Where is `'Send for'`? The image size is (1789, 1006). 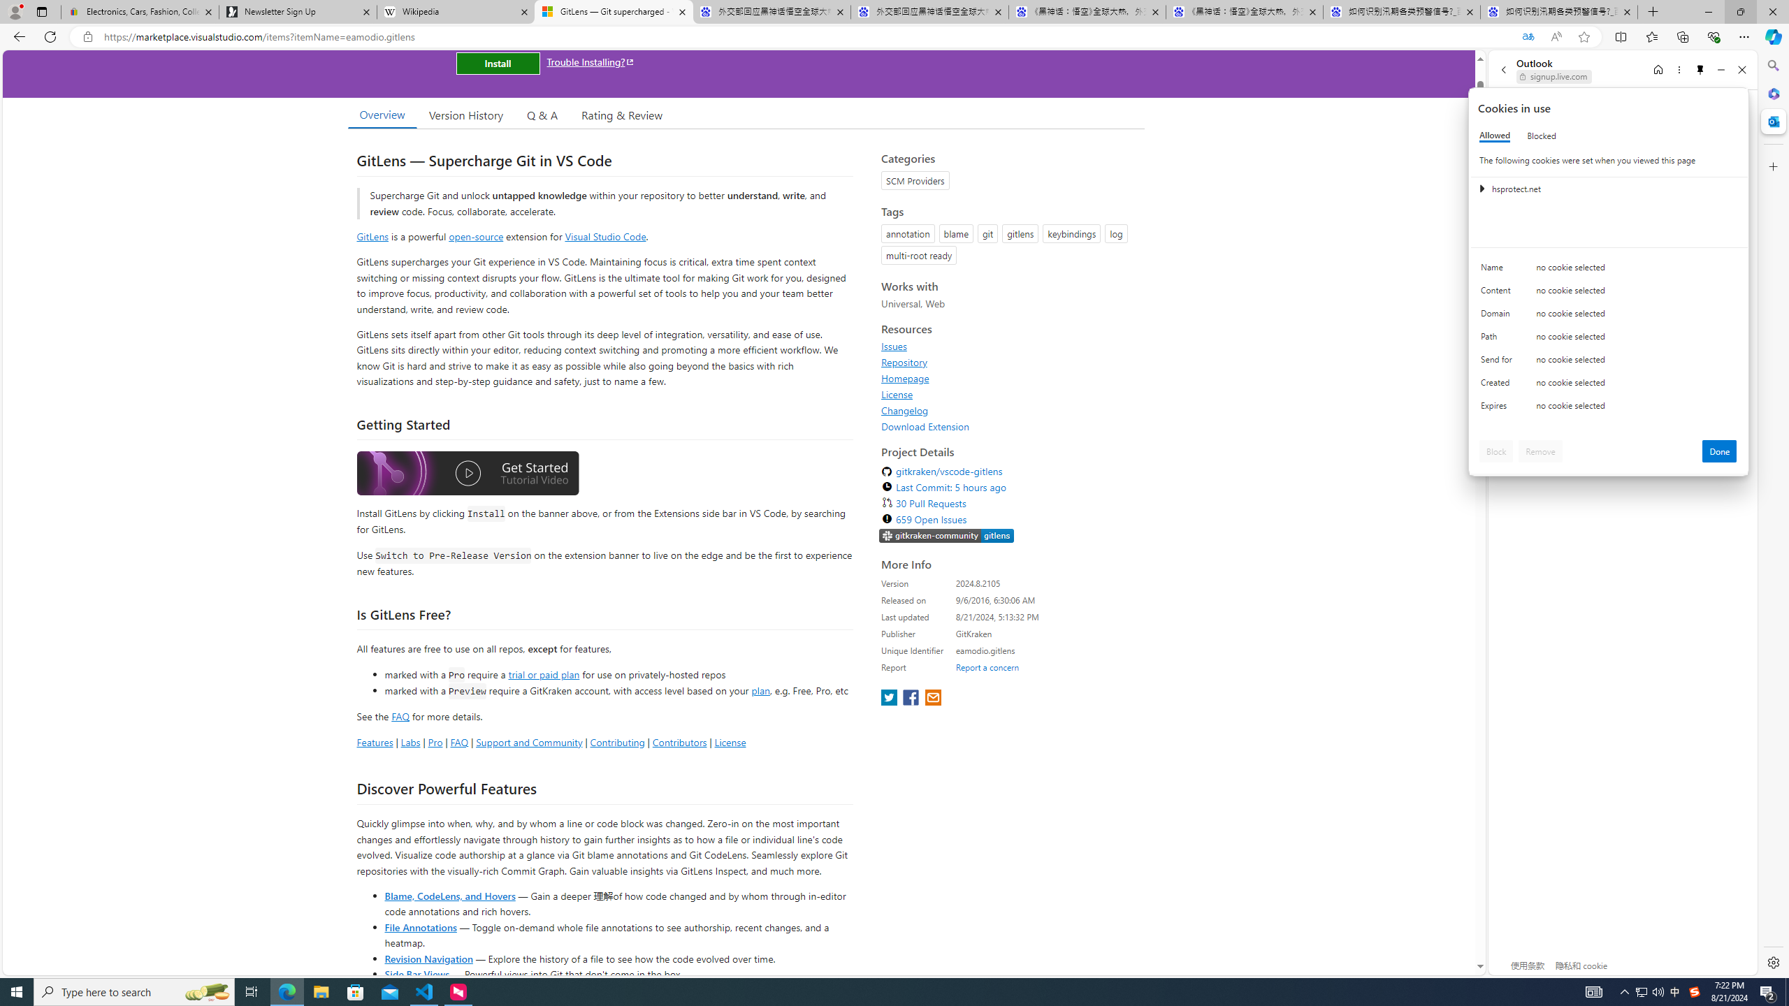 'Send for' is located at coordinates (1498, 362).